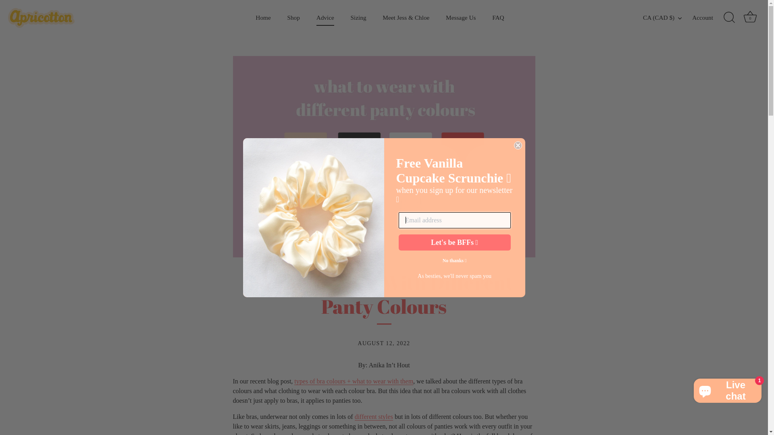  I want to click on 'FAQ', so click(485, 18).